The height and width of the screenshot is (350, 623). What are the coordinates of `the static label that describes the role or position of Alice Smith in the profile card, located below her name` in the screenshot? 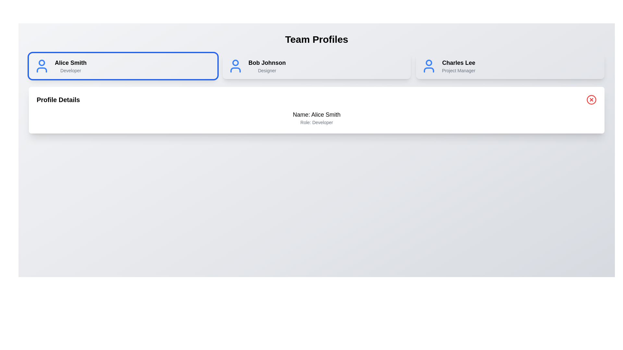 It's located at (71, 71).